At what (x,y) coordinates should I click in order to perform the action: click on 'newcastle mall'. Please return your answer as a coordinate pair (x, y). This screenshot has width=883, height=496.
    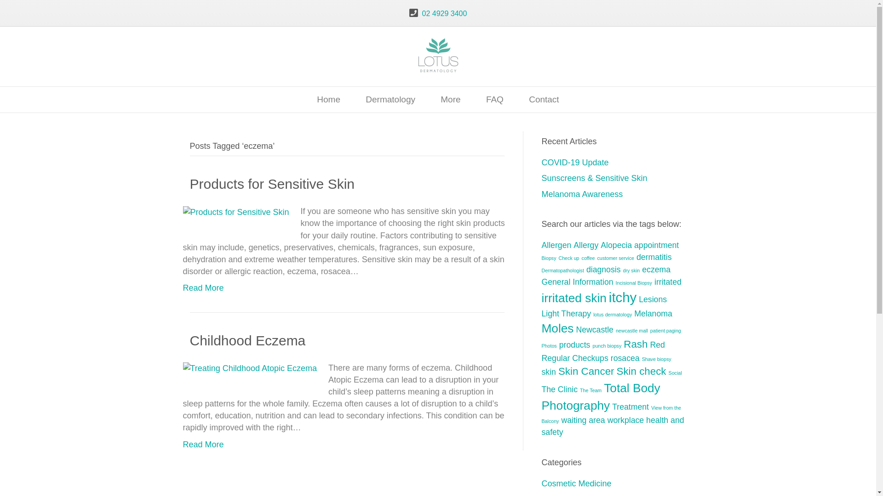
    Looking at the image, I should click on (631, 331).